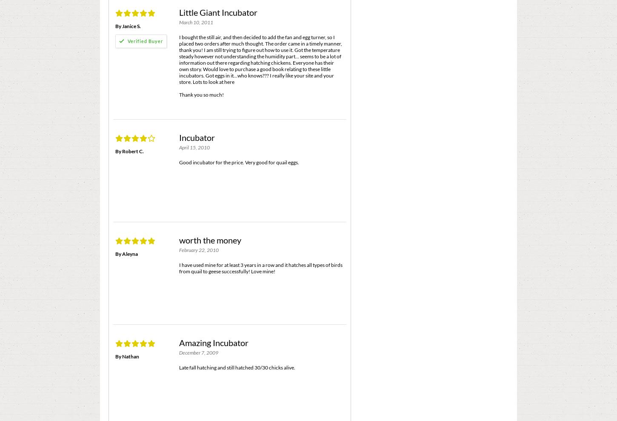 This screenshot has height=421, width=617. Describe the element at coordinates (194, 147) in the screenshot. I see `'April 15, 2010'` at that location.